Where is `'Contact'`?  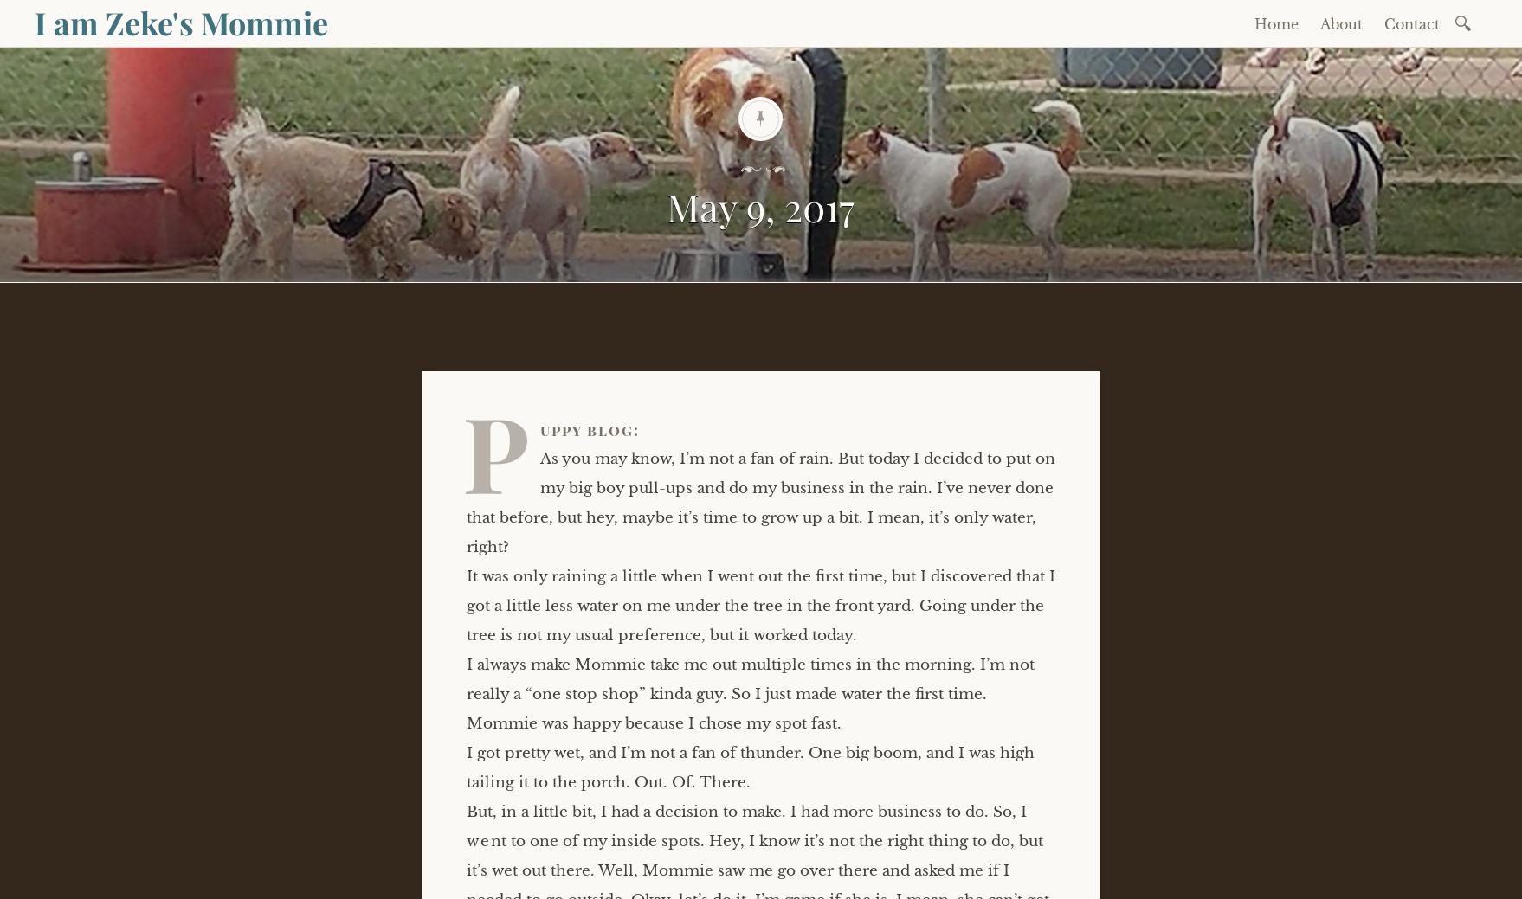
'Contact' is located at coordinates (1411, 22).